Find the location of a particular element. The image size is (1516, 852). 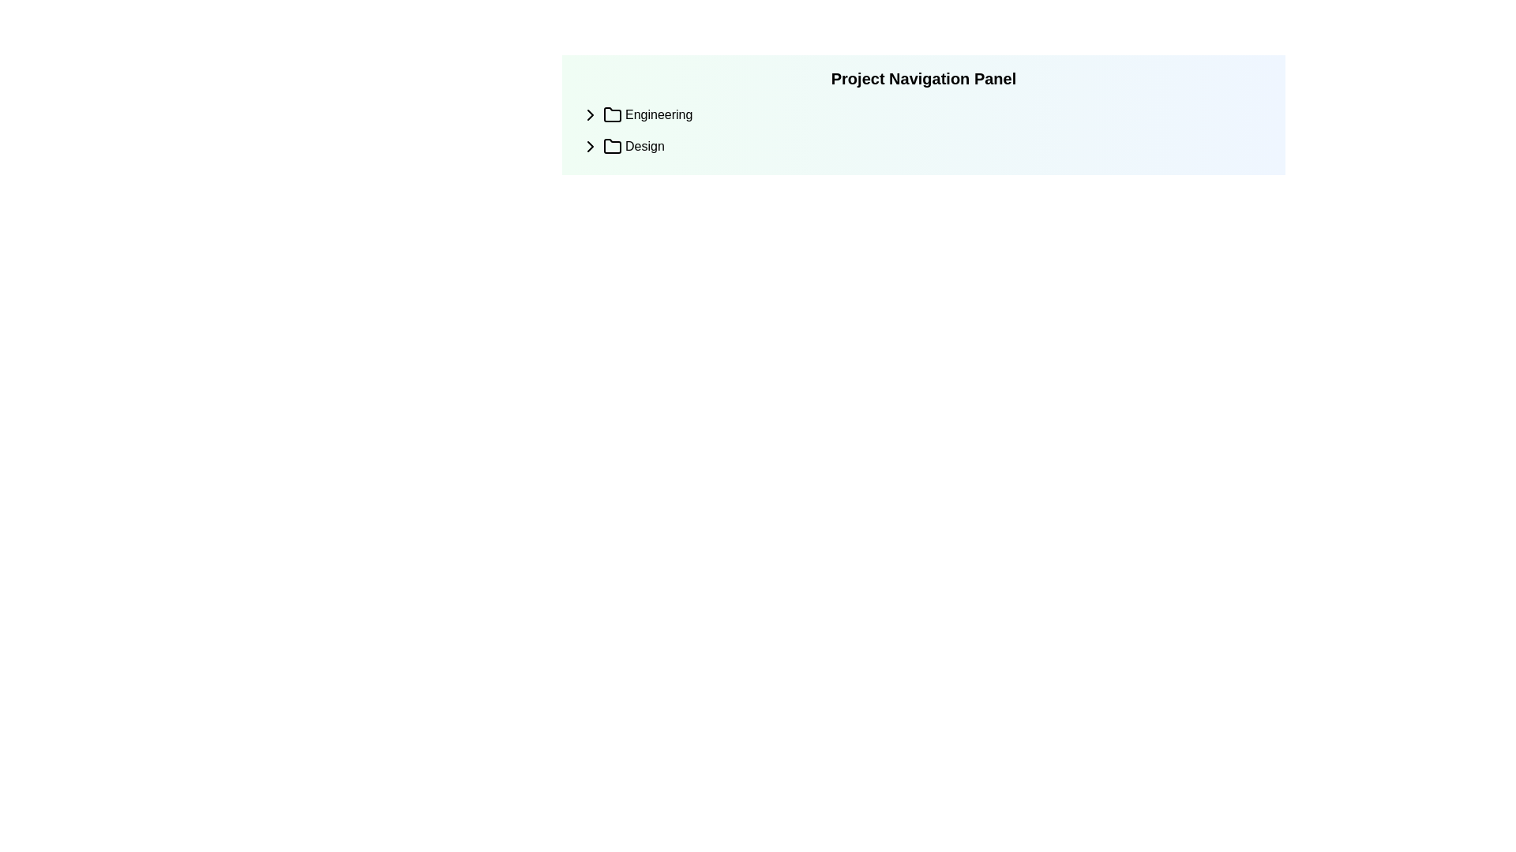

the graphical icon representing a folder in the navigation panel, located before the 'Engineering' text label is located at coordinates (612, 114).